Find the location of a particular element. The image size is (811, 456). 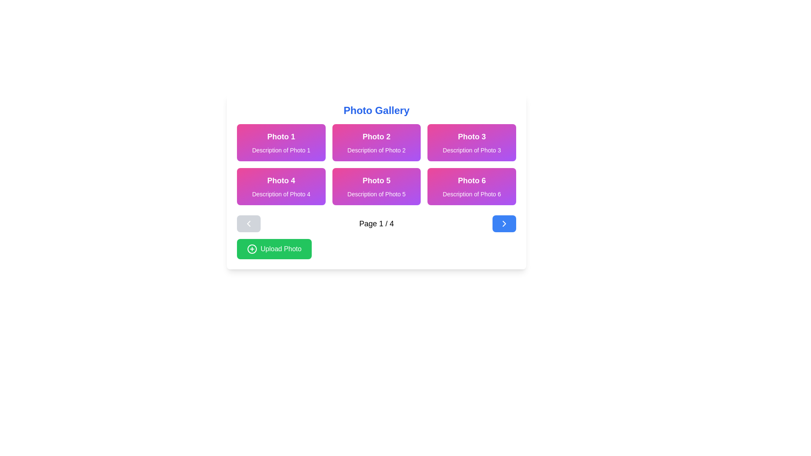

the Informational card labeled 'Photo 6', which features a gradient background from pink to purple, rounded corners, and displays the text 'Photo 6' in bold white at its center is located at coordinates (471, 186).